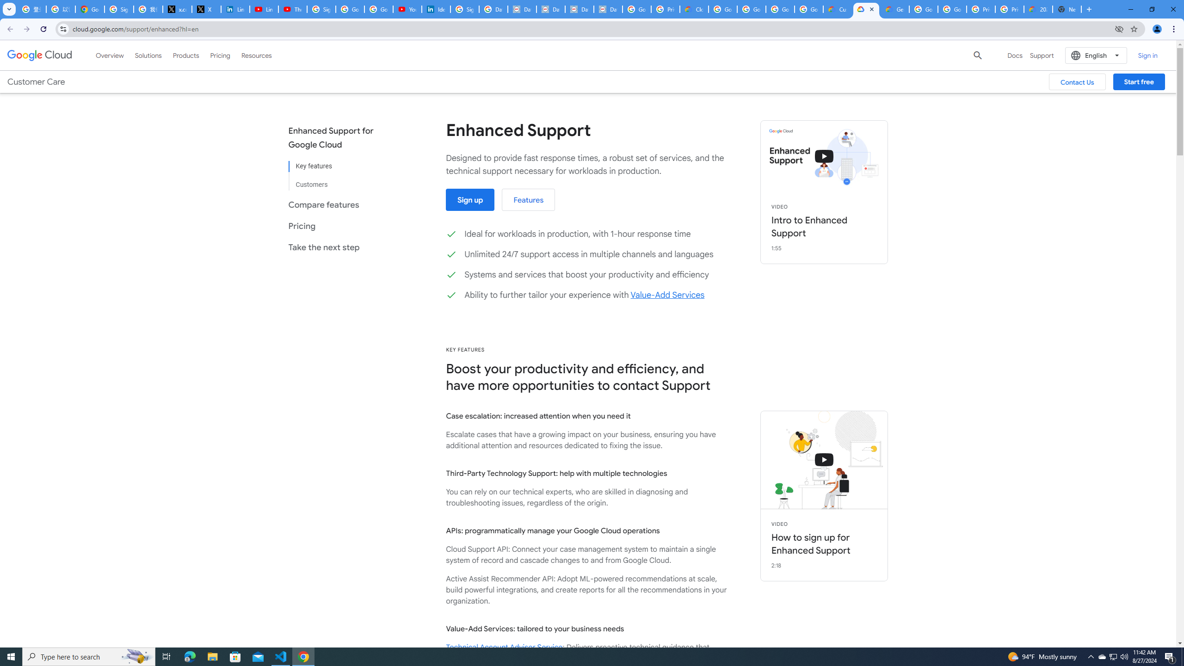 This screenshot has height=666, width=1184. I want to click on 'connecting with support', so click(824, 460).